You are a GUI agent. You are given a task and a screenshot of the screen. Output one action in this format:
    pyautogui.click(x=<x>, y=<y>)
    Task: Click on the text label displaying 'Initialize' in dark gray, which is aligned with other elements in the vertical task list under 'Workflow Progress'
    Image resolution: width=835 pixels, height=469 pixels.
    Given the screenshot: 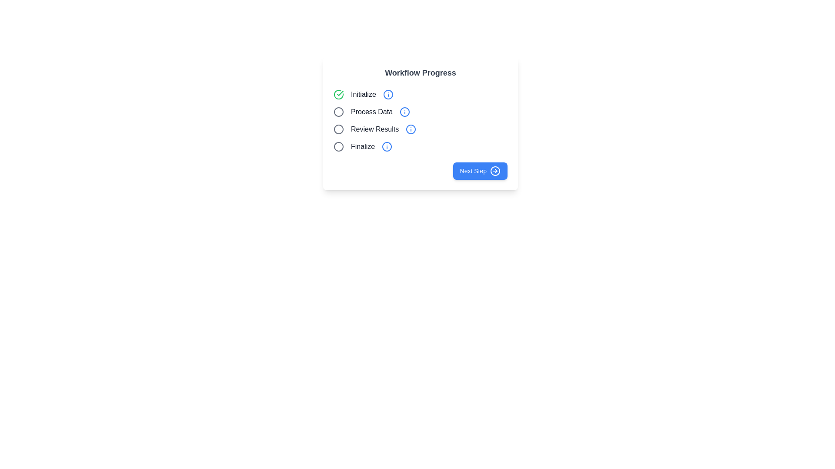 What is the action you would take?
    pyautogui.click(x=363, y=95)
    